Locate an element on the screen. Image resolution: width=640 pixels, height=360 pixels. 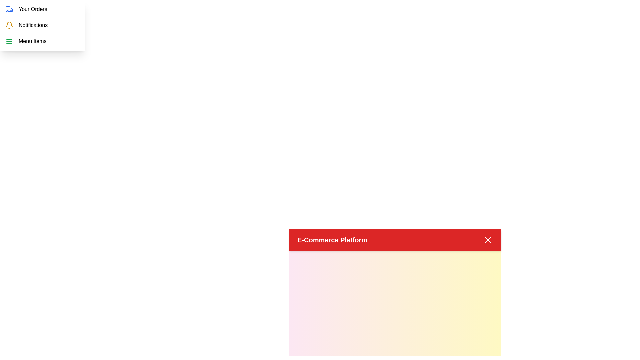
the 'Your Orders' text label and truck icon located at the top of the vertical menu list is located at coordinates (32, 9).